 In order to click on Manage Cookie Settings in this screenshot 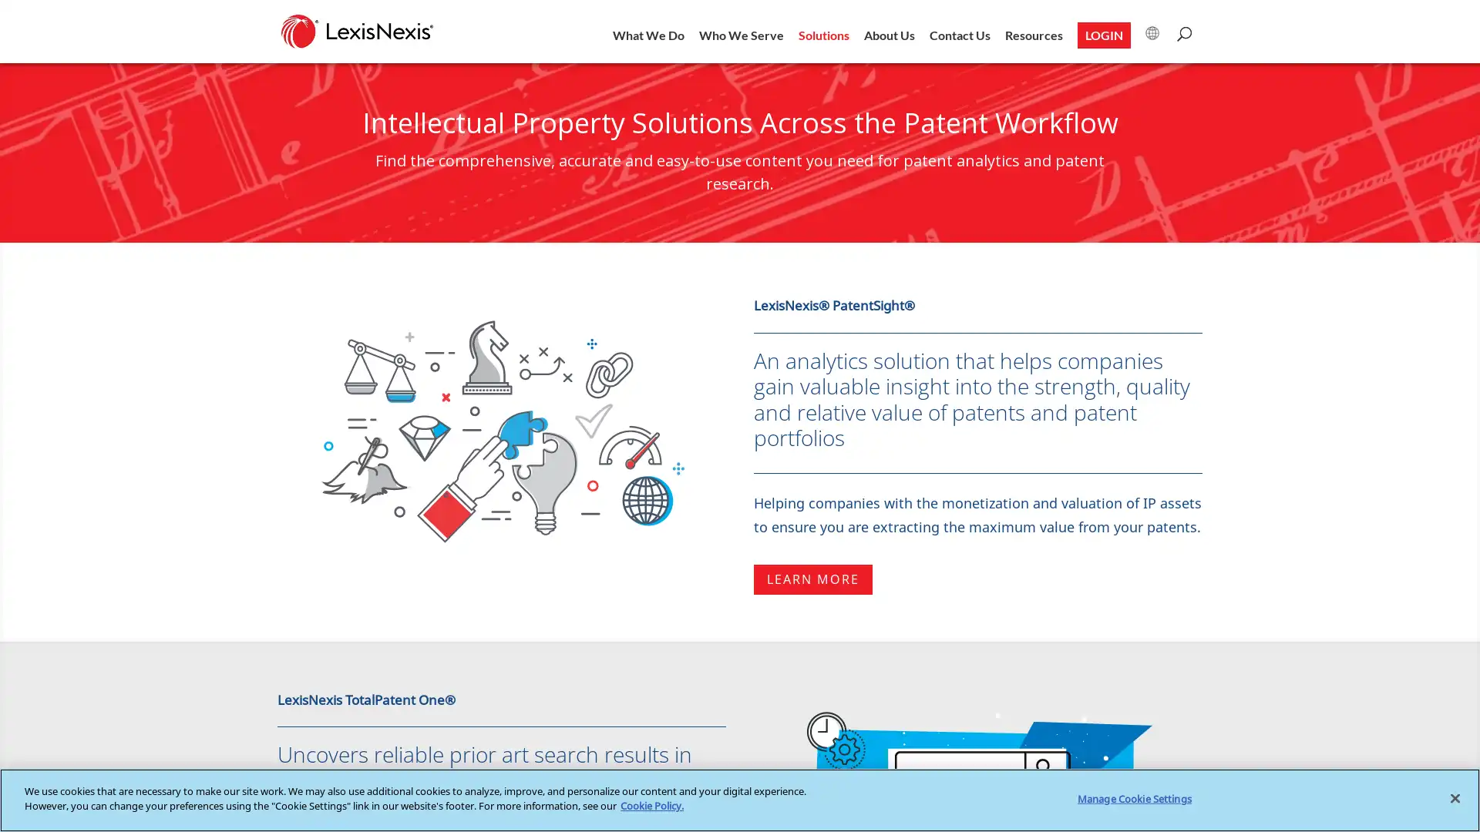, I will do `click(1133, 798)`.